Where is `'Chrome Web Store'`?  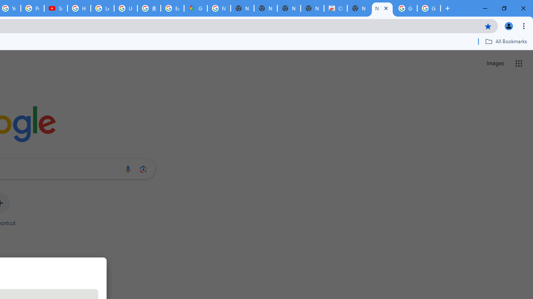
'Chrome Web Store' is located at coordinates (336, 8).